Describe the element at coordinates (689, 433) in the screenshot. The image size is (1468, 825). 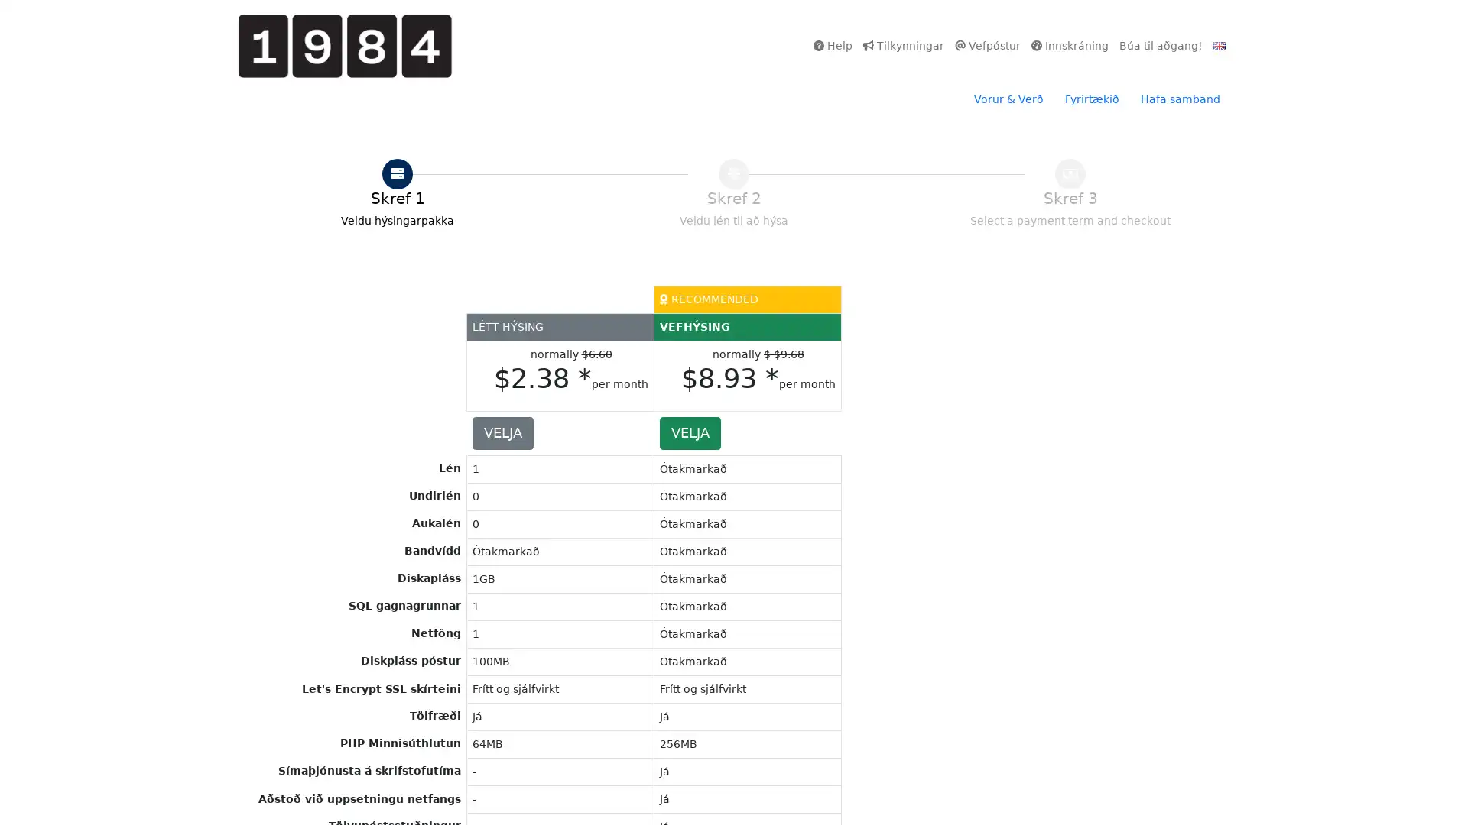
I see `VELJA` at that location.